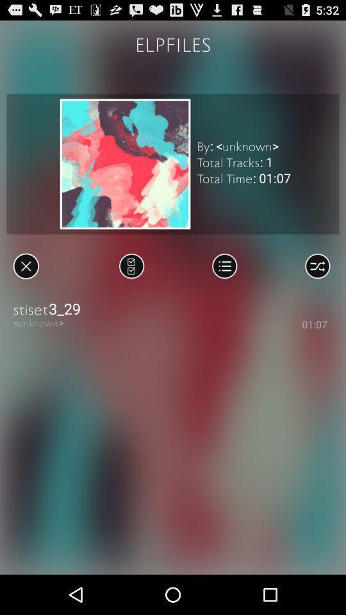  Describe the element at coordinates (173, 308) in the screenshot. I see `the stiset3_29 icon` at that location.